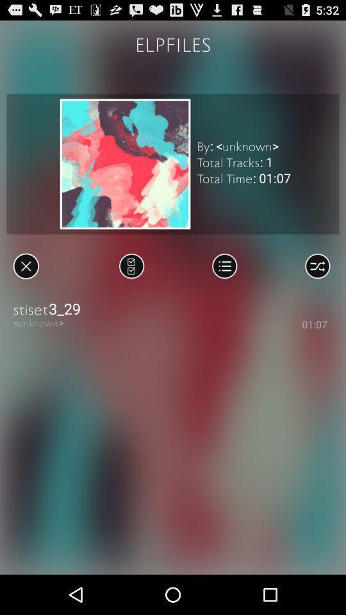  Describe the element at coordinates (173, 308) in the screenshot. I see `the stiset3_29 icon` at that location.